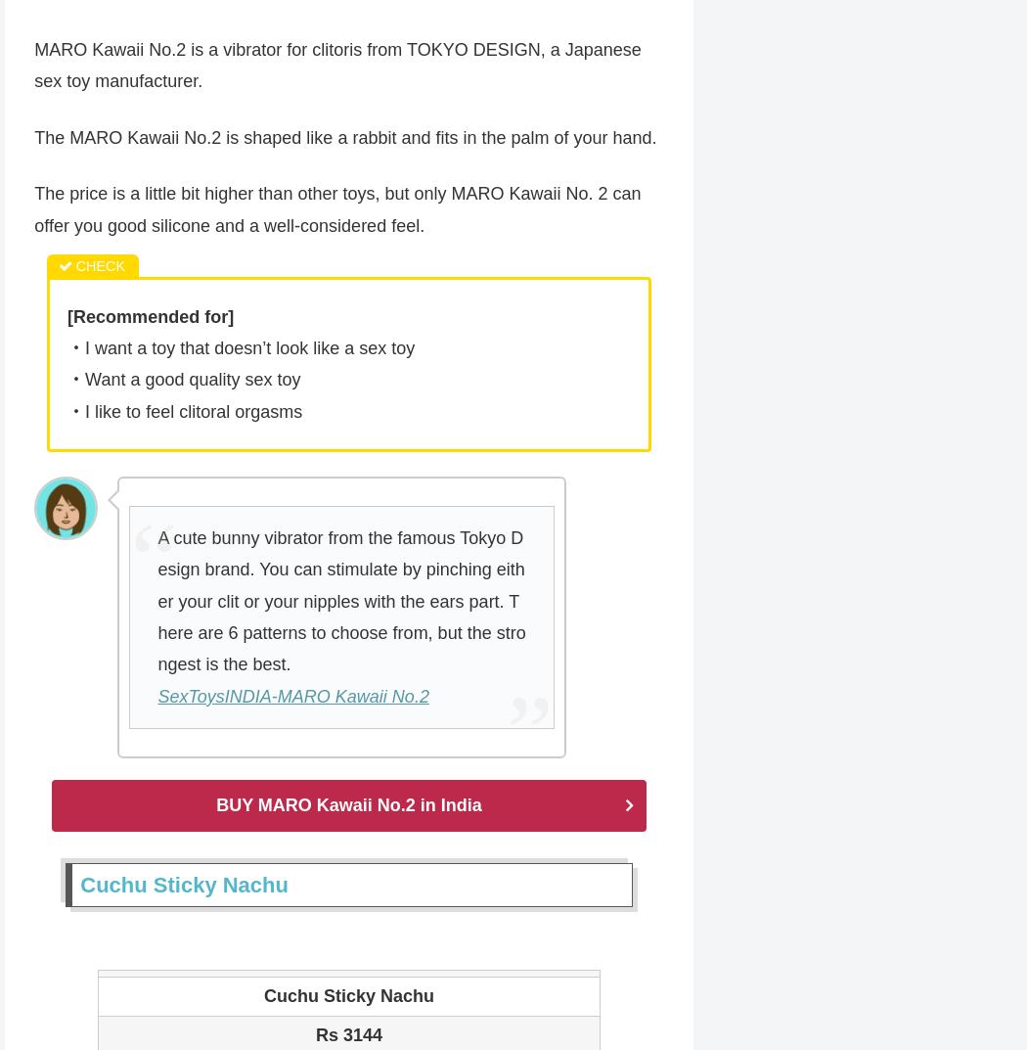 The width and height of the screenshot is (1027, 1050). I want to click on 'Rs 3144', so click(347, 1036).